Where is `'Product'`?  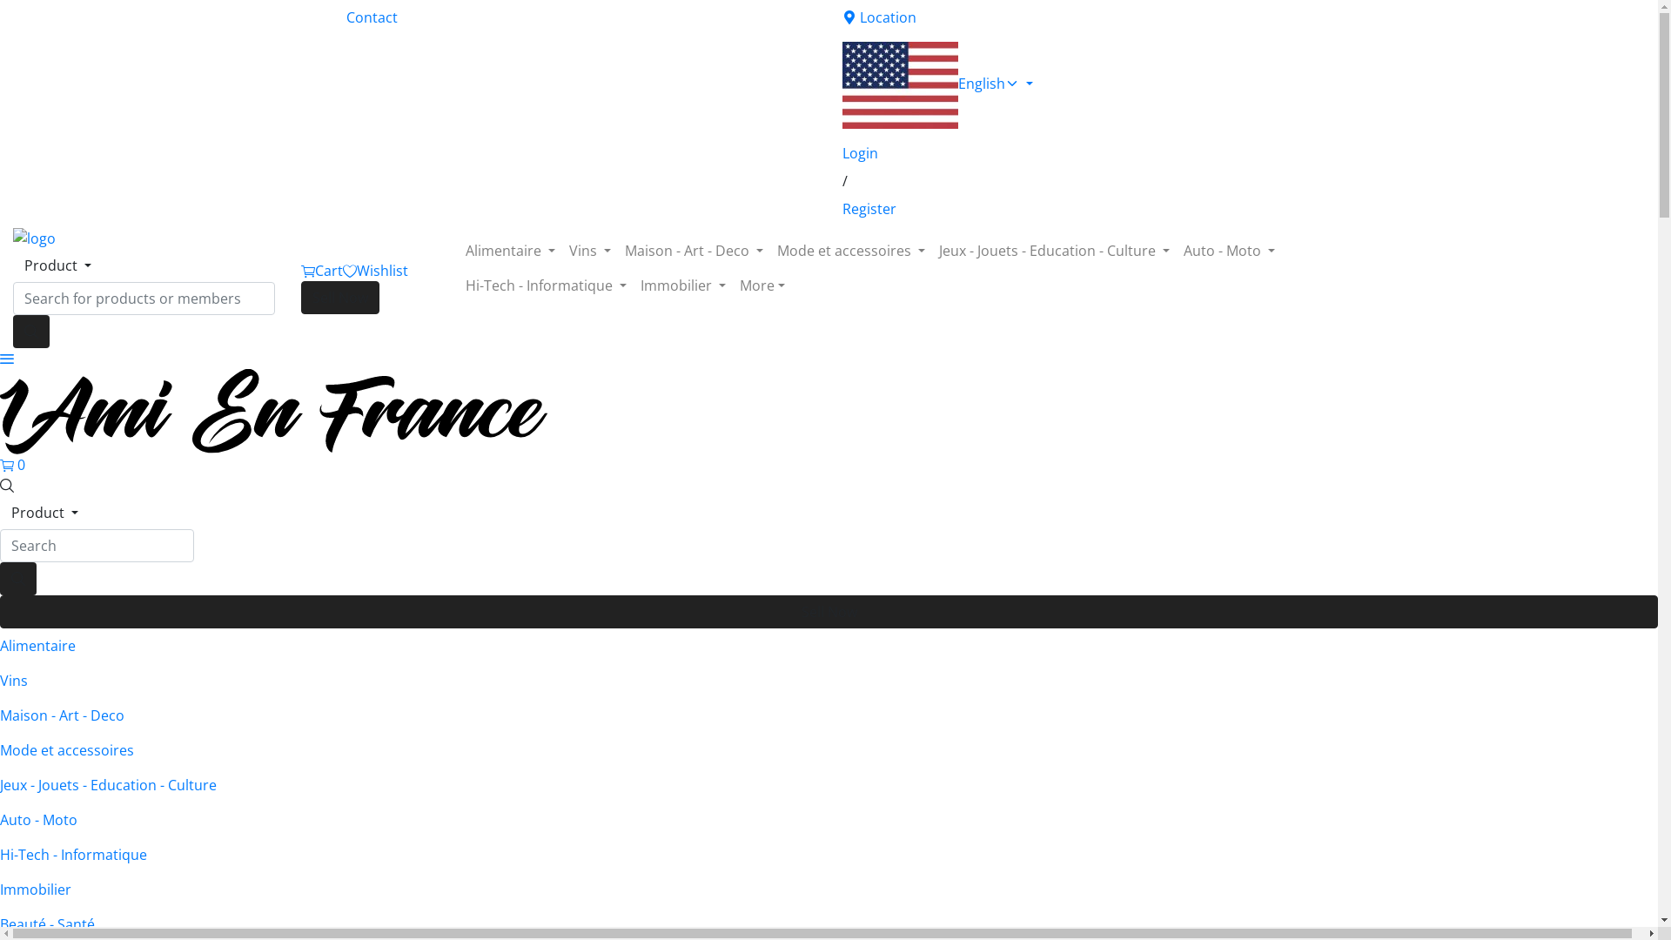 'Product' is located at coordinates (57, 265).